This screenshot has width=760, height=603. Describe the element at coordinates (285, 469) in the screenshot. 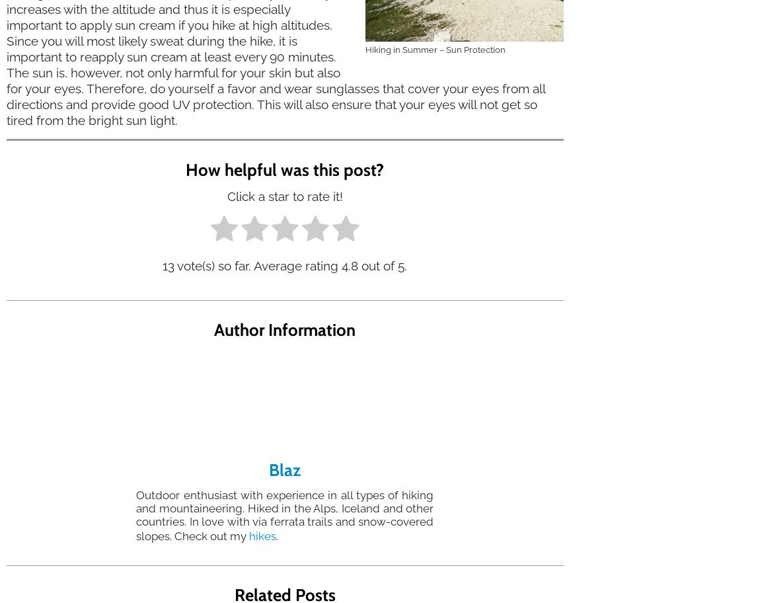

I see `'Blaz'` at that location.